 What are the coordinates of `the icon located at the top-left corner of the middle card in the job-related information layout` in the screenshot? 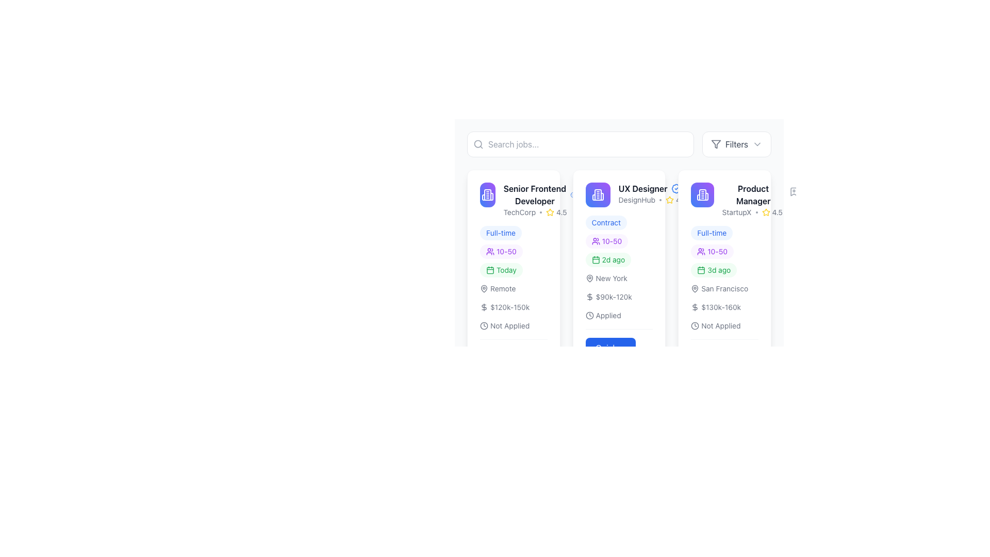 It's located at (702, 195).